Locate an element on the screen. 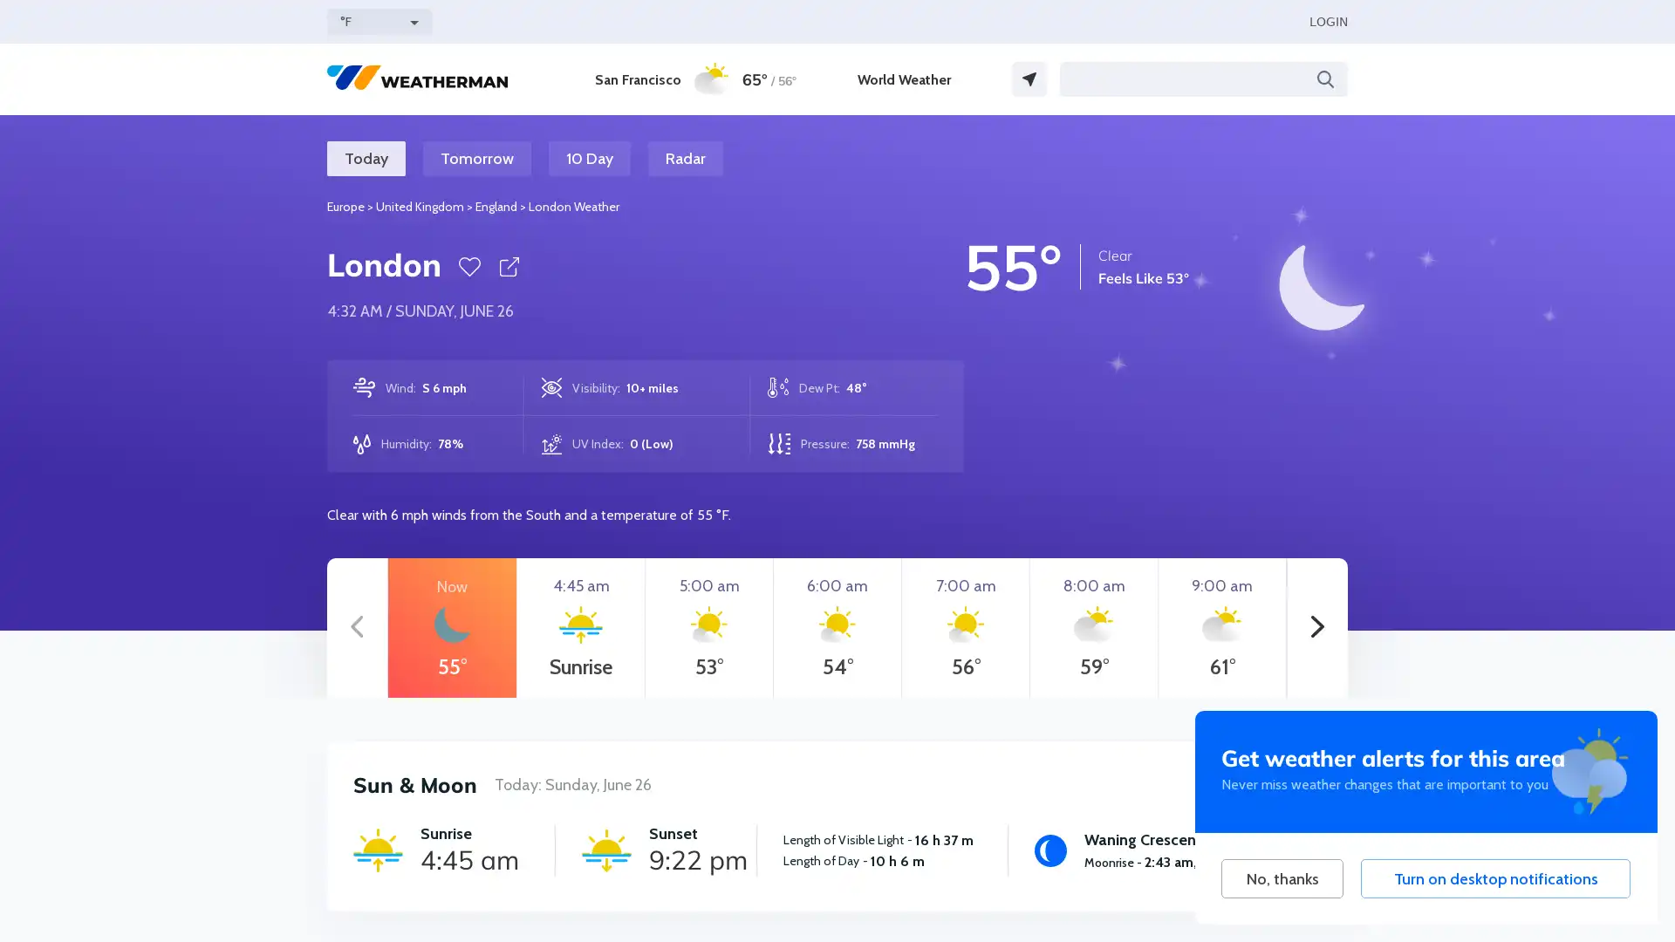  No, thanks is located at coordinates (1282, 878).